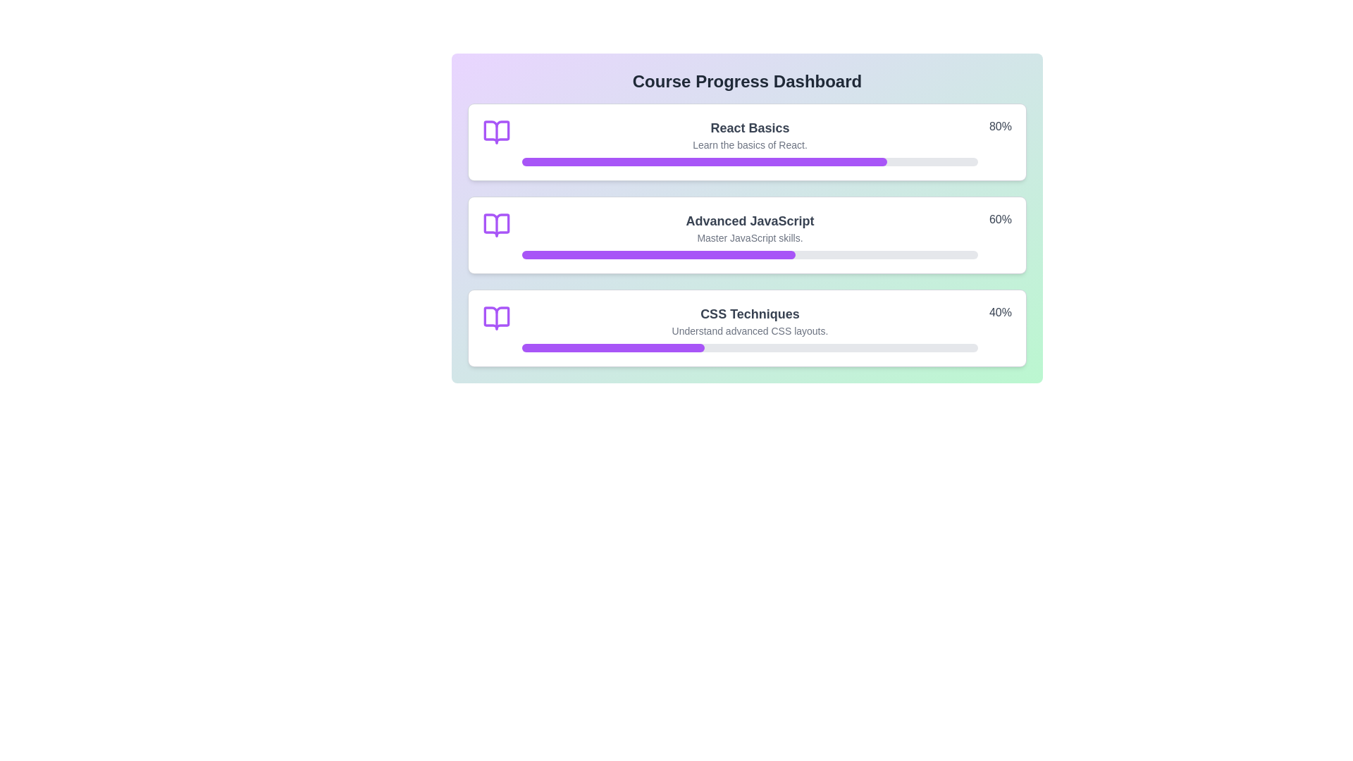 The width and height of the screenshot is (1353, 761). What do you see at coordinates (497, 132) in the screenshot?
I see `the 'React Basics' course icon located at the top-left corner of the first card under the 'Course Progress Dashboard', next to the text labeled 'React Basics'` at bounding box center [497, 132].